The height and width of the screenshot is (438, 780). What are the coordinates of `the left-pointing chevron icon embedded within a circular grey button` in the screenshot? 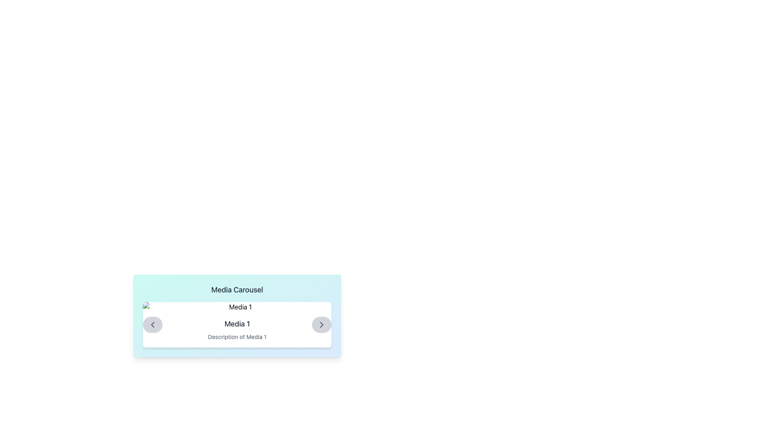 It's located at (152, 324).